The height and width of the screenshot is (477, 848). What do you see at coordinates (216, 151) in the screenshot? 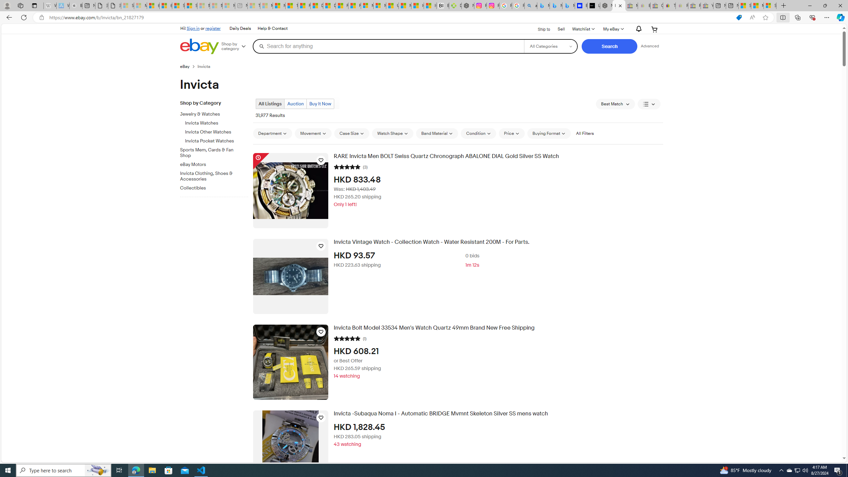
I see `'Sports Mem, Cards & Fan Shop'` at bounding box center [216, 151].